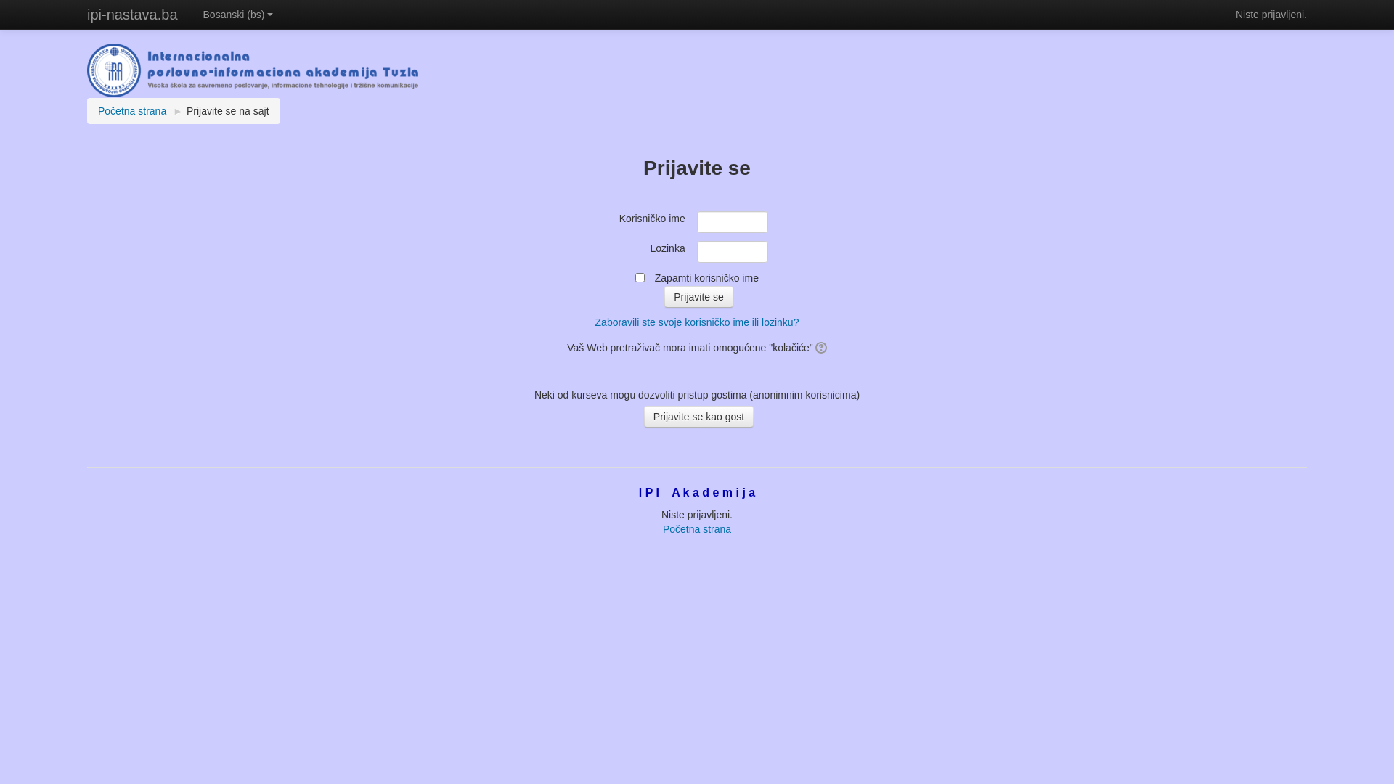  What do you see at coordinates (698, 417) in the screenshot?
I see `'Prijavite se kao gost'` at bounding box center [698, 417].